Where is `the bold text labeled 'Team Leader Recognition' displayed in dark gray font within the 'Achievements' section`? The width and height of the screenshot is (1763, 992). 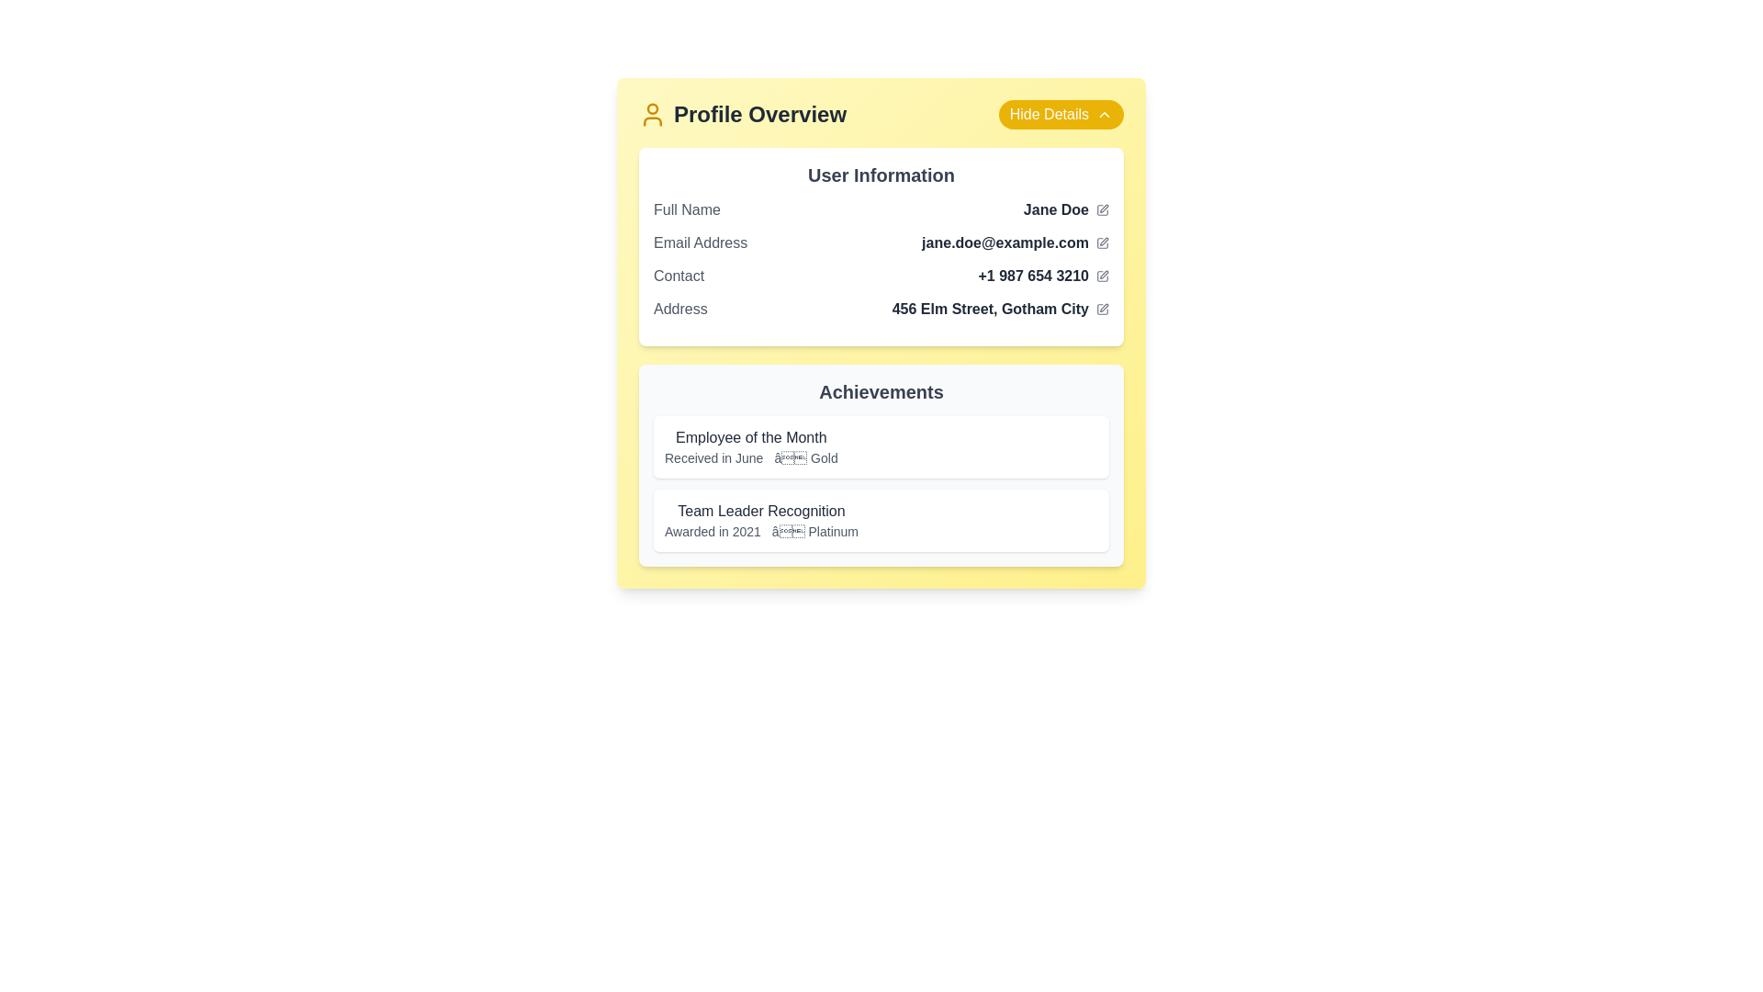 the bold text labeled 'Team Leader Recognition' displayed in dark gray font within the 'Achievements' section is located at coordinates (761, 511).